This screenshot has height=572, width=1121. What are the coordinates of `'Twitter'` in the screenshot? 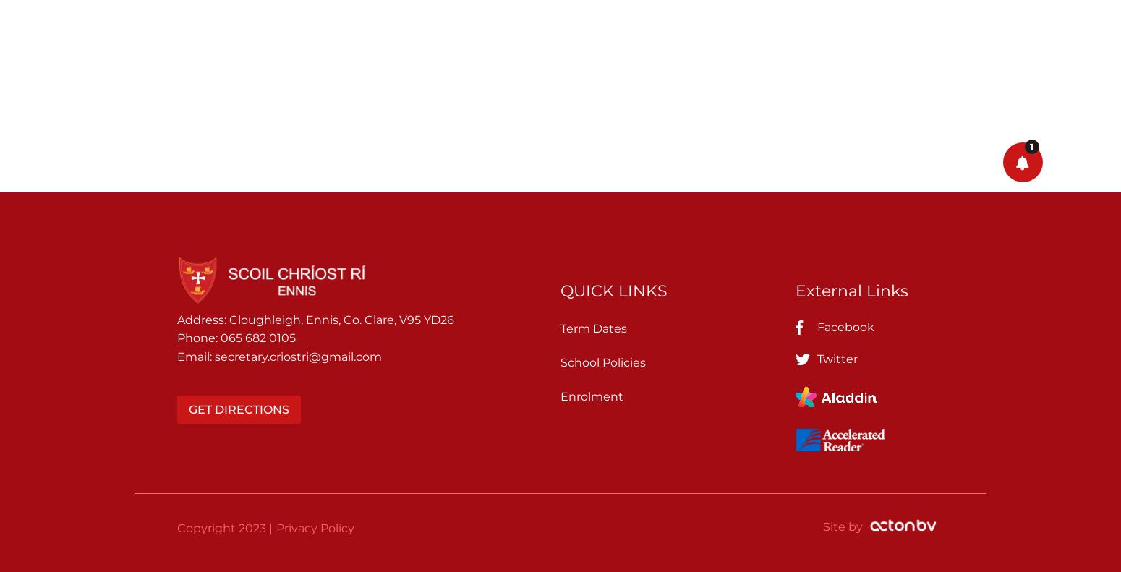 It's located at (837, 357).